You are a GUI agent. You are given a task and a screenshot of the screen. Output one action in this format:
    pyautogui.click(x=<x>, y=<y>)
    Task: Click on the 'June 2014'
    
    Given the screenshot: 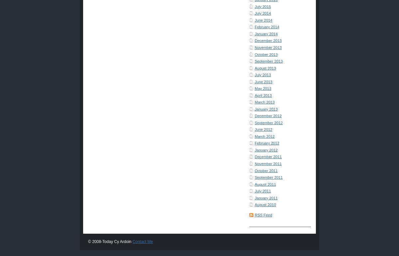 What is the action you would take?
    pyautogui.click(x=263, y=20)
    